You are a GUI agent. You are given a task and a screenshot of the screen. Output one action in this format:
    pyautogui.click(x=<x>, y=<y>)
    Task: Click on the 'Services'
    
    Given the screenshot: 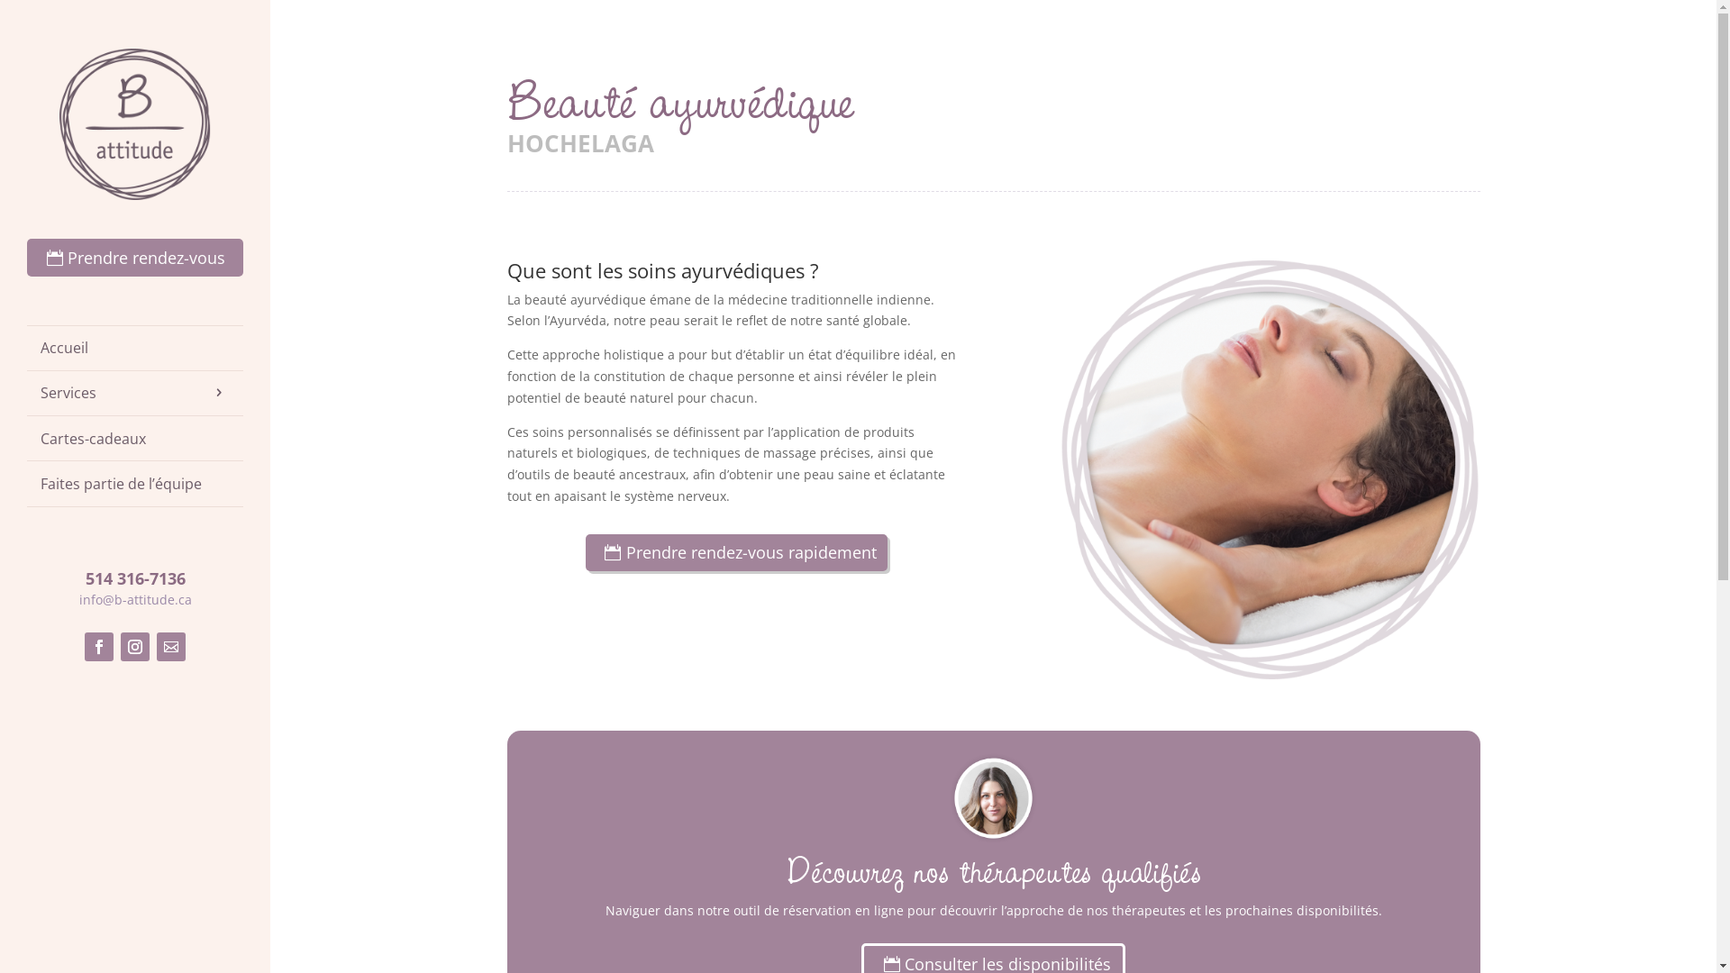 What is the action you would take?
    pyautogui.click(x=133, y=391)
    